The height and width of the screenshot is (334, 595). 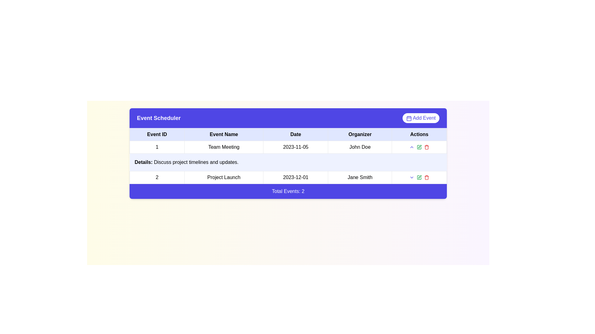 What do you see at coordinates (419, 178) in the screenshot?
I see `the icons in the Icon Group located in the 'Actions' column of the second row in the 'Event Scheduler' table` at bounding box center [419, 178].